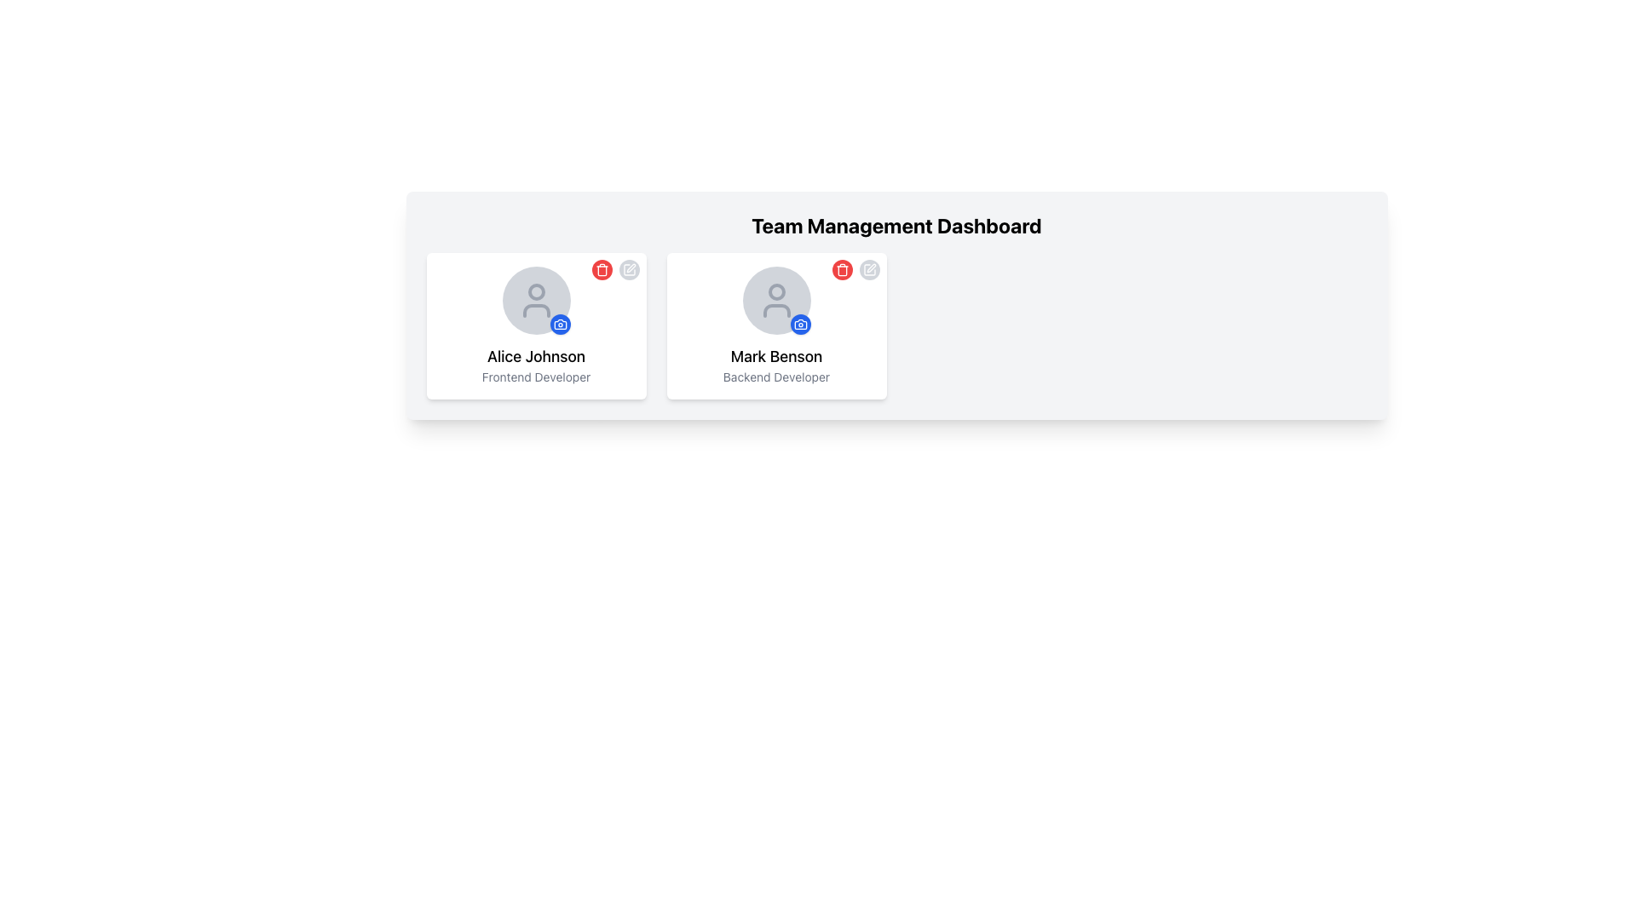  What do you see at coordinates (869, 268) in the screenshot?
I see `the SVG icon element resembling a square in the upper-right area of the card associated with 'Mark Benson'` at bounding box center [869, 268].